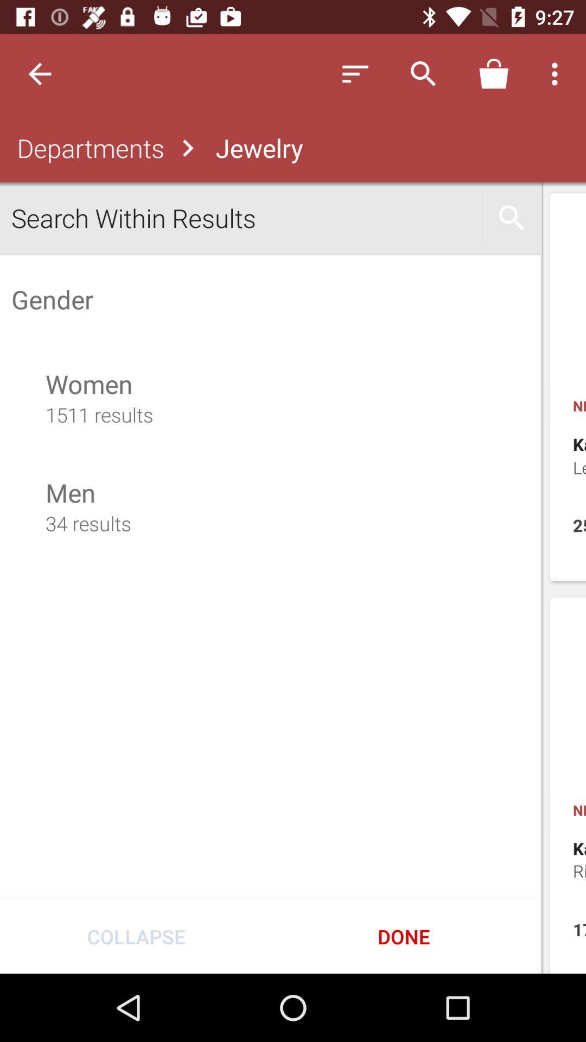 Image resolution: width=586 pixels, height=1042 pixels. I want to click on the icon to the left of jewelry, so click(87, 148).